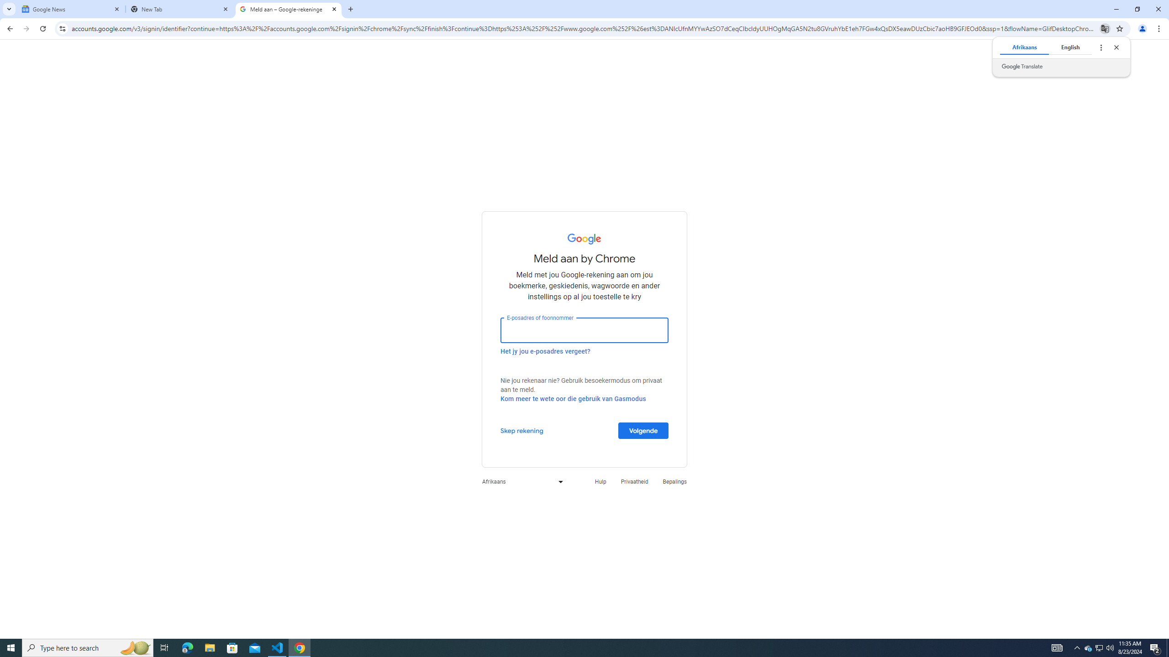 This screenshot has width=1169, height=657. I want to click on 'Google News', so click(71, 9).